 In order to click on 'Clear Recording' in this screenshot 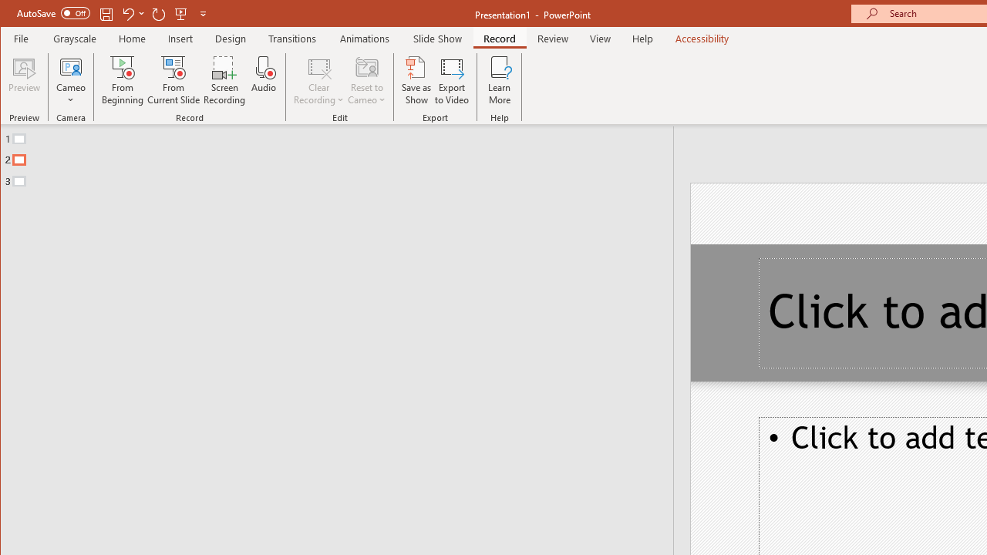, I will do `click(318, 80)`.